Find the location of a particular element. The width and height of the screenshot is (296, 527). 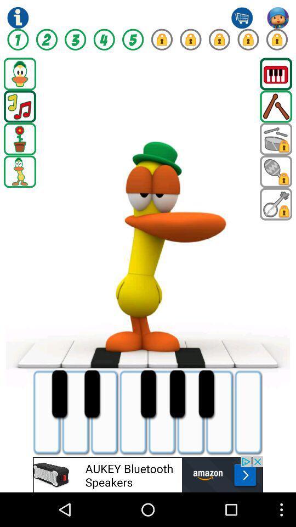

n 3 is located at coordinates (75, 40).